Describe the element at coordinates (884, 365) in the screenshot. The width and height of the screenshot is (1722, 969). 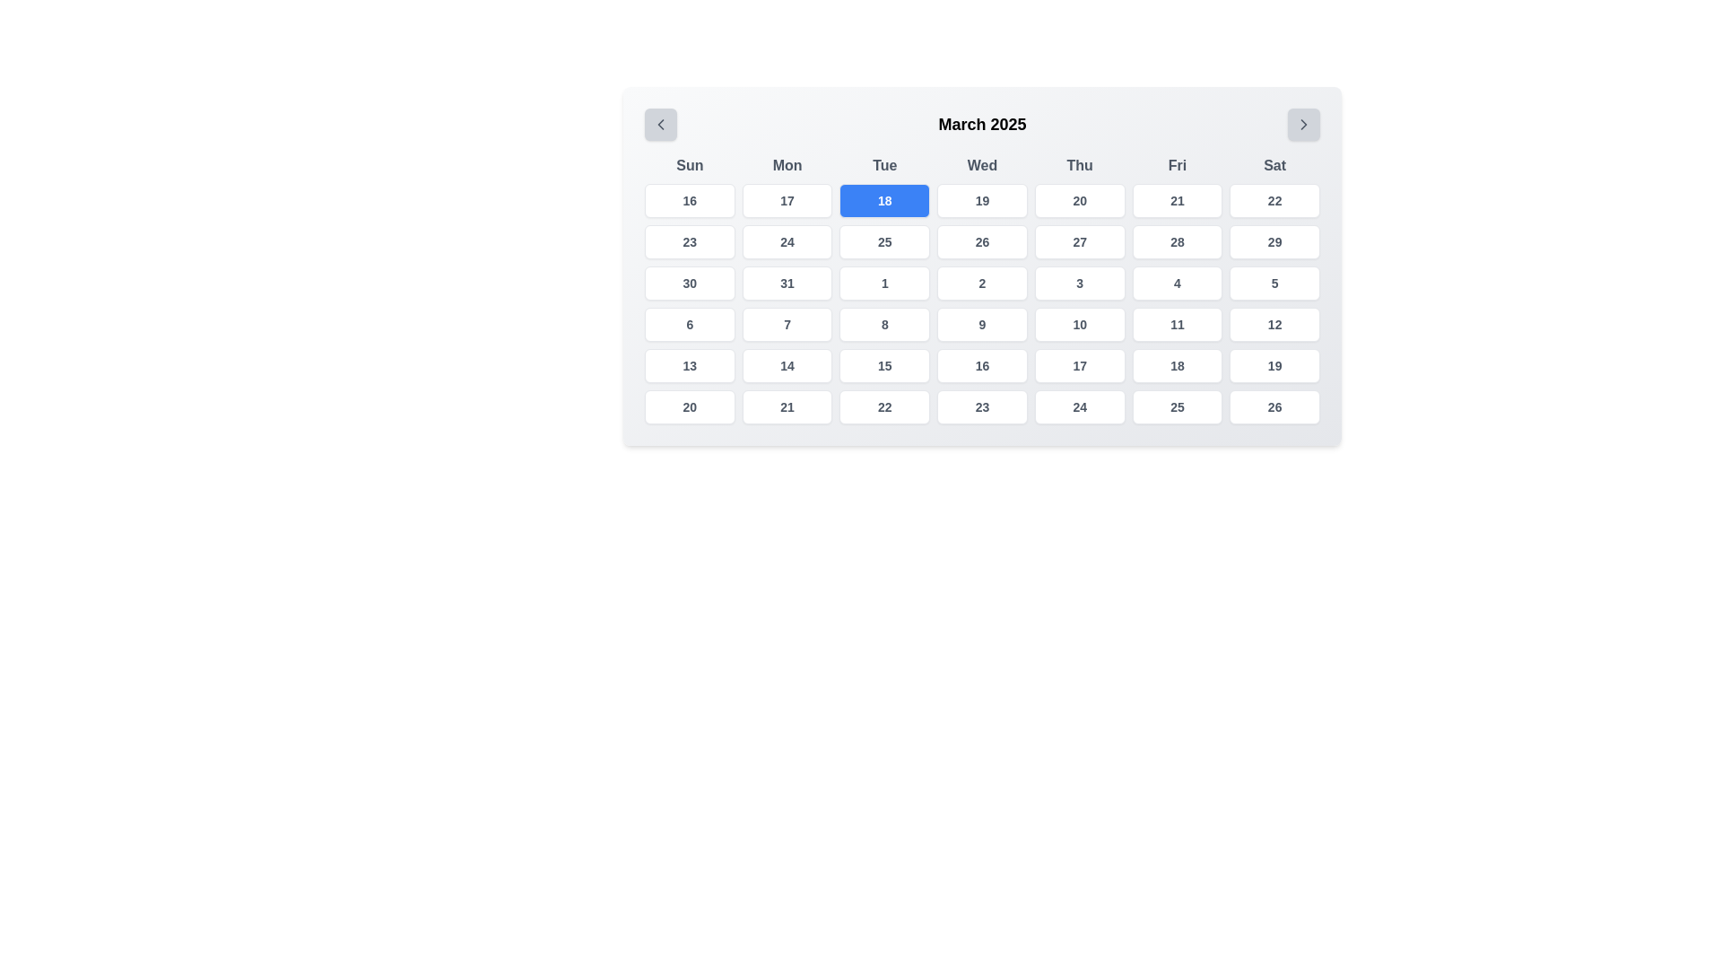
I see `the selectable day button for the date '15' in the calendar interface` at that location.